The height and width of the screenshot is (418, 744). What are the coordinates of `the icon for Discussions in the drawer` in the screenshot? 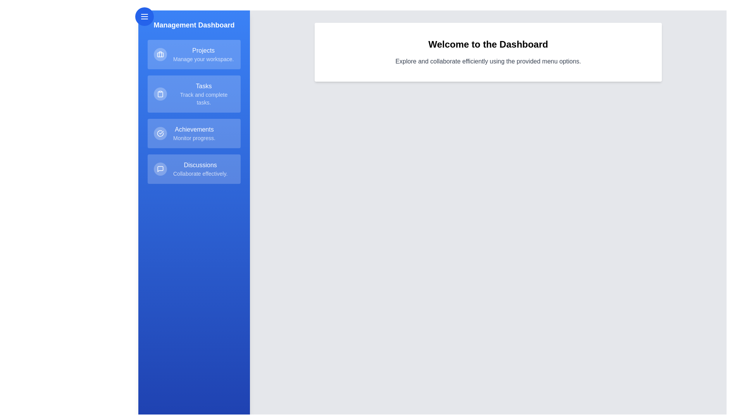 It's located at (160, 168).